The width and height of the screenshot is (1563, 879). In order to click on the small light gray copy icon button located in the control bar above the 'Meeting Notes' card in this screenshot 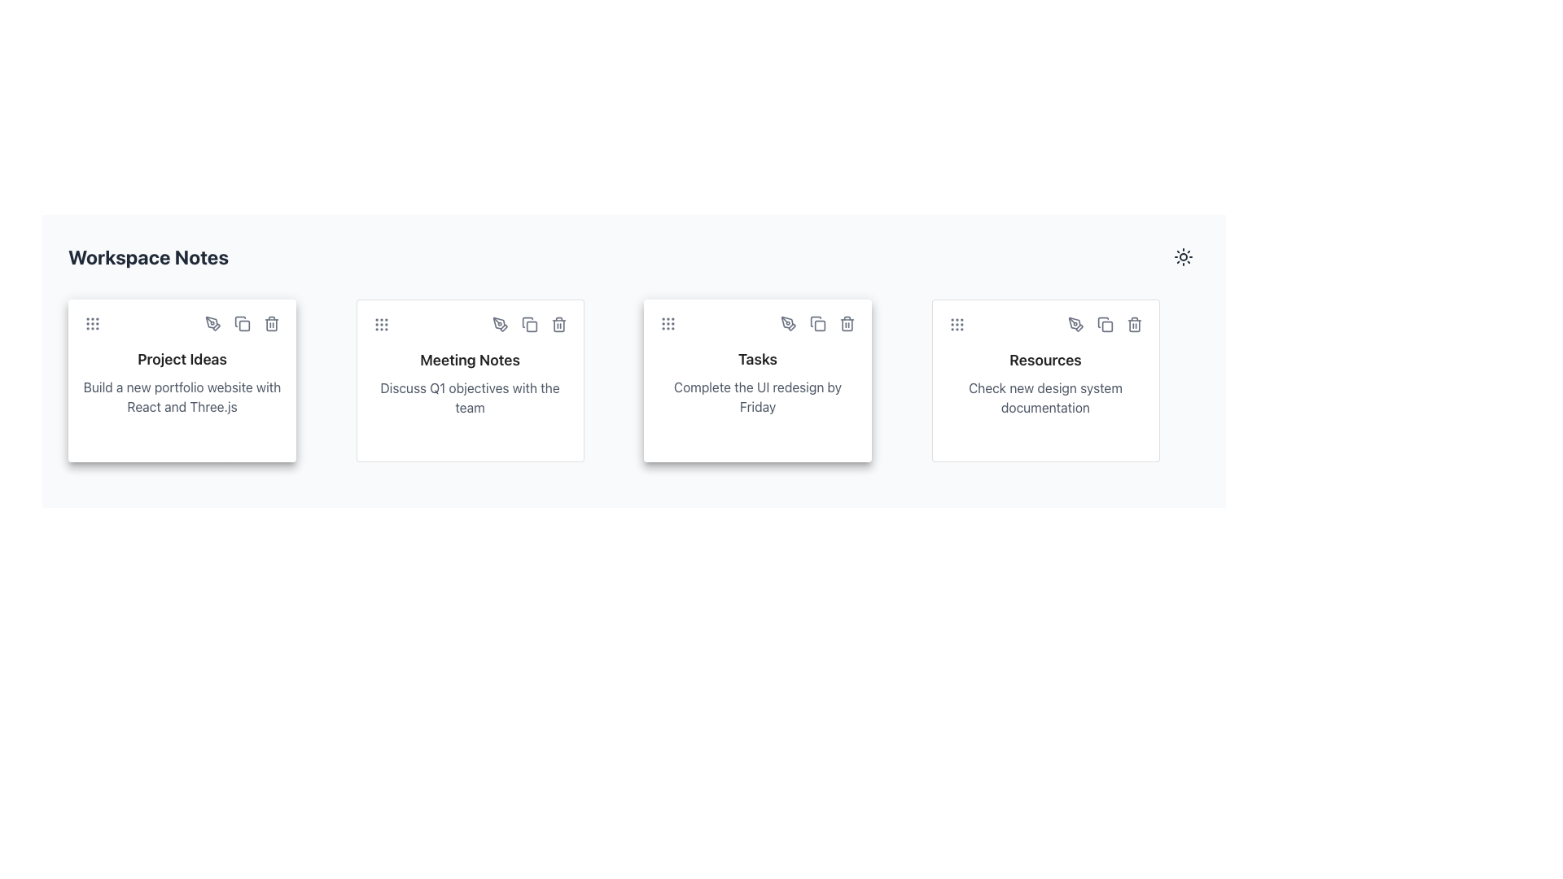, I will do `click(529, 324)`.